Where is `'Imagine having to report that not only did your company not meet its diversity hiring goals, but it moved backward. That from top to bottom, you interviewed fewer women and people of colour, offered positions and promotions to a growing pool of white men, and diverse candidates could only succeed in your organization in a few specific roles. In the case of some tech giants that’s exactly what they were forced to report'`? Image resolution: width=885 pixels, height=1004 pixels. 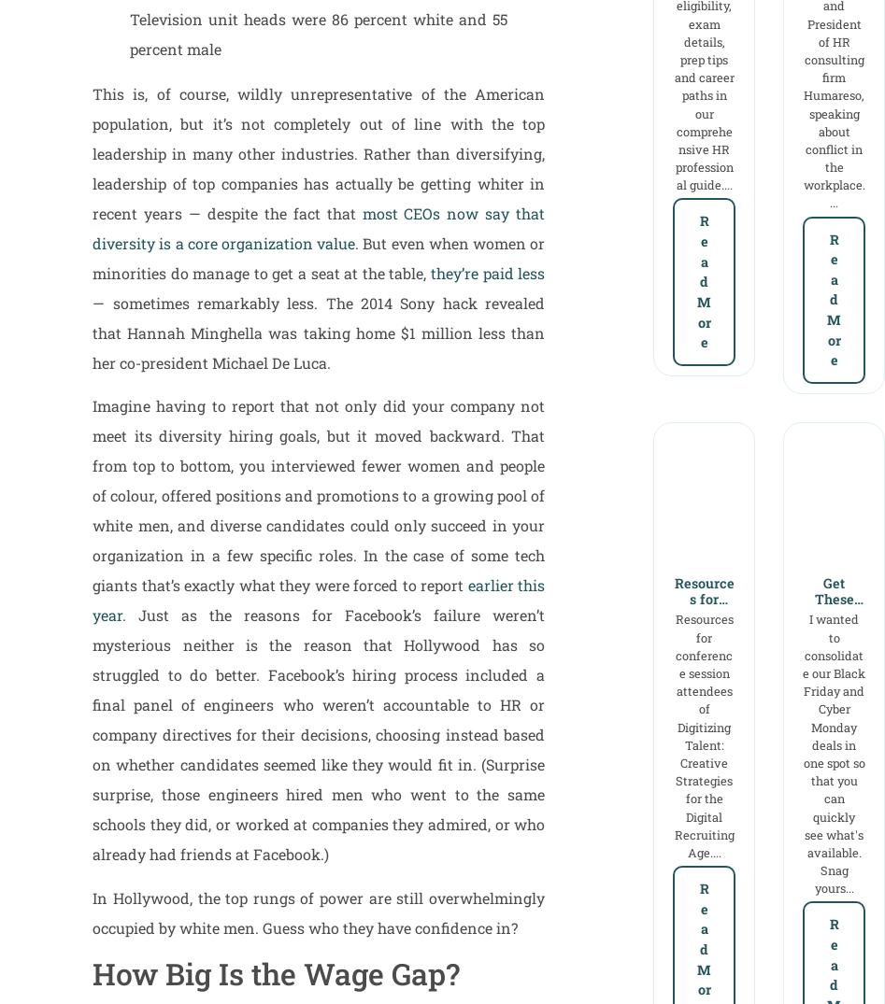 'Imagine having to report that not only did your company not meet its diversity hiring goals, but it moved backward. That from top to bottom, you interviewed fewer women and people of colour, offered positions and promotions to a growing pool of white men, and diverse candidates could only succeed in your organization in a few specific roles. In the case of some tech giants that’s exactly what they were forced to report' is located at coordinates (318, 494).